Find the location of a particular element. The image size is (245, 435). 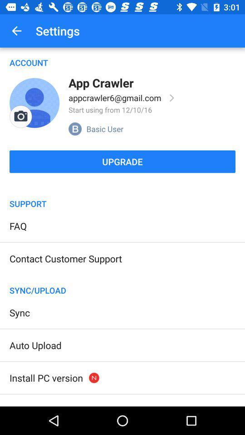

icon to the left of settings icon is located at coordinates (16, 31).